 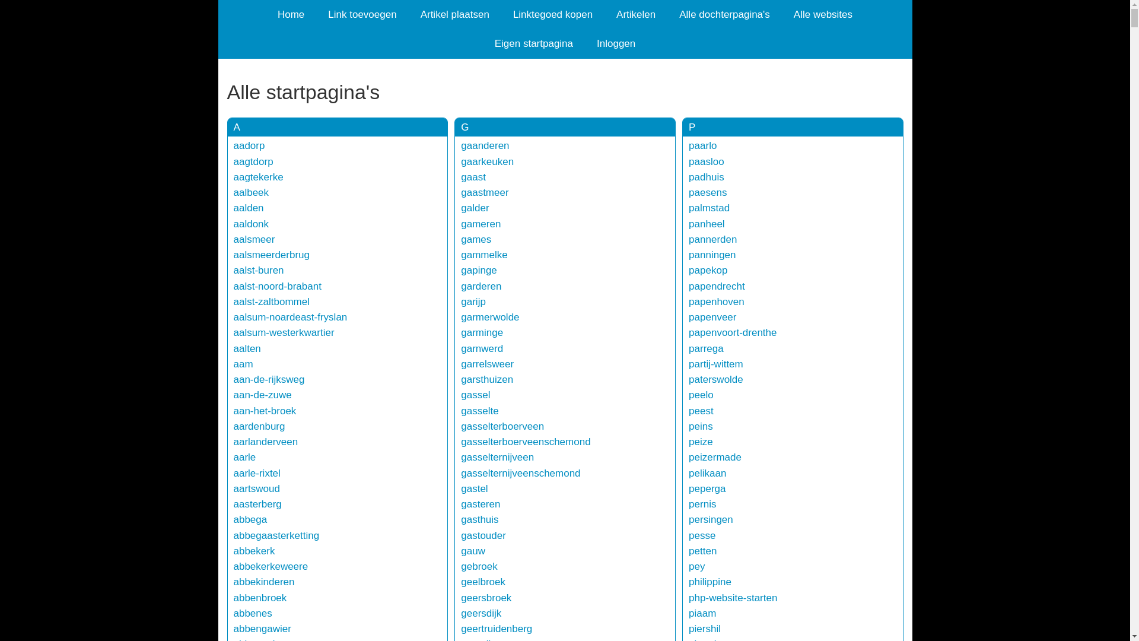 I want to click on 'panningen', so click(x=689, y=254).